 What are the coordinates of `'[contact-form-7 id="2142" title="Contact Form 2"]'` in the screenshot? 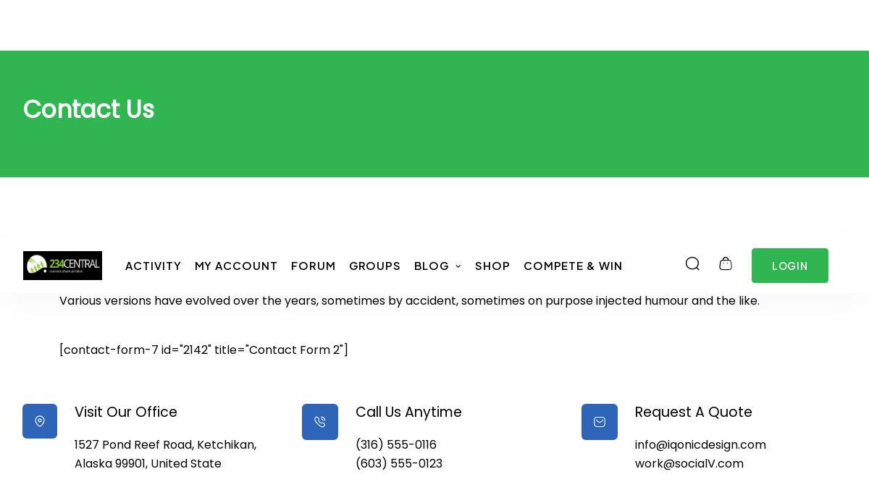 It's located at (203, 110).